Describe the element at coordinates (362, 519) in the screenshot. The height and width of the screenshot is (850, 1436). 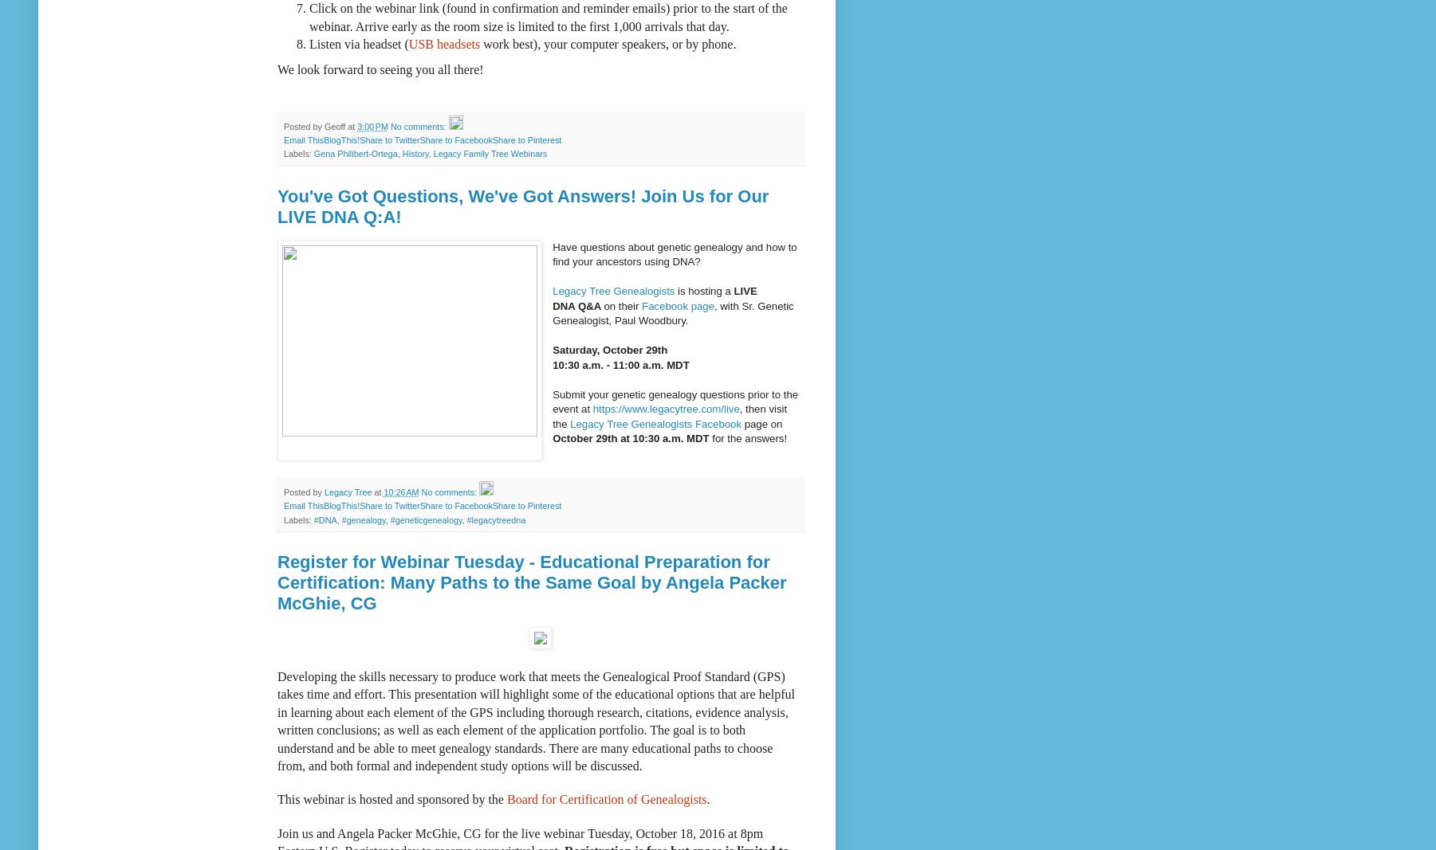
I see `'#genealogy'` at that location.